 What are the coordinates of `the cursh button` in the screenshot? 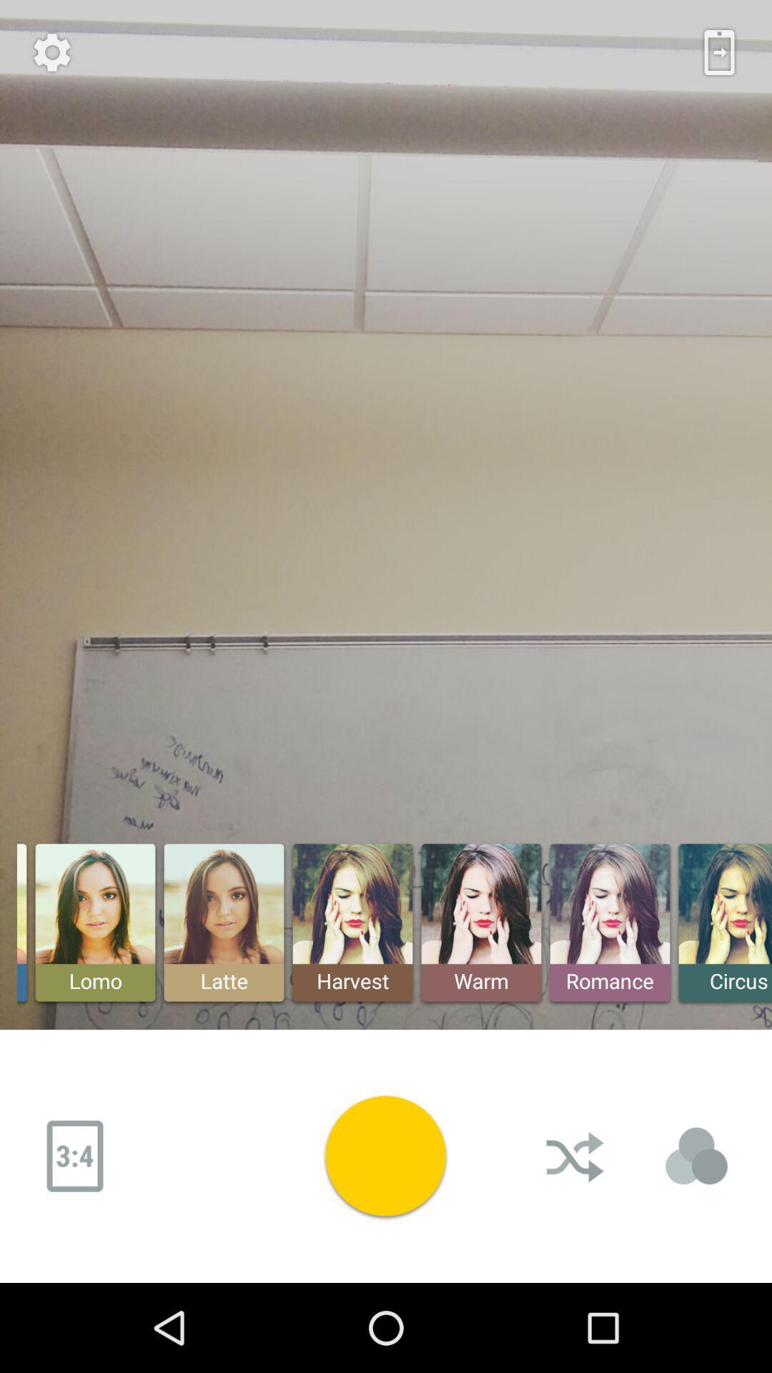 It's located at (575, 1156).